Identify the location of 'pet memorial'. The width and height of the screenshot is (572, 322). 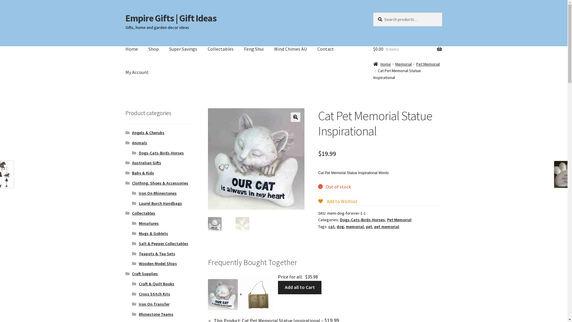
(386, 226).